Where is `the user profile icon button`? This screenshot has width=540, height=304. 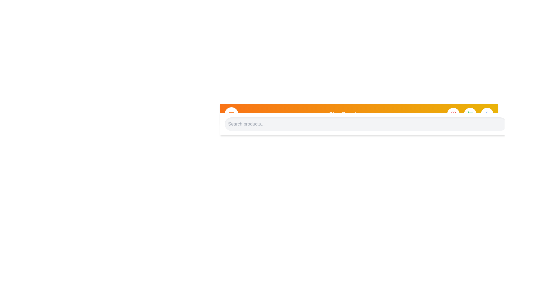 the user profile icon button is located at coordinates (487, 114).